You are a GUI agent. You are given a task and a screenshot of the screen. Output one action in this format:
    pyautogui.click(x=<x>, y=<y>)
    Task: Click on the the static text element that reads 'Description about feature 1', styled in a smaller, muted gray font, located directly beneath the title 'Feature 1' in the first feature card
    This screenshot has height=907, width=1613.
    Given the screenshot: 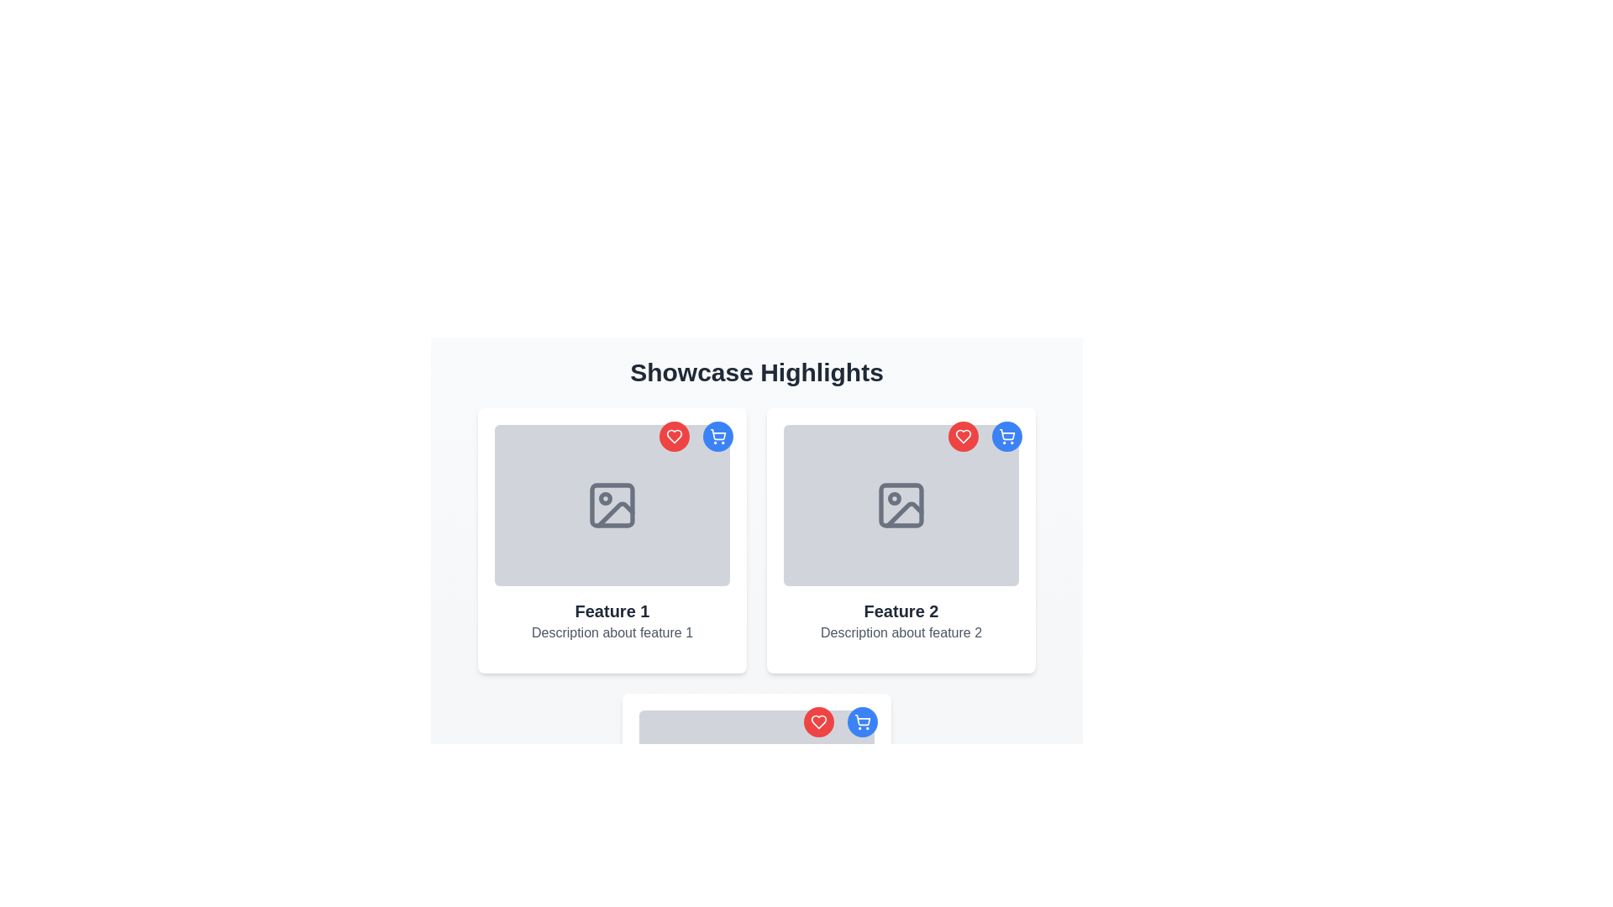 What is the action you would take?
    pyautogui.click(x=612, y=632)
    